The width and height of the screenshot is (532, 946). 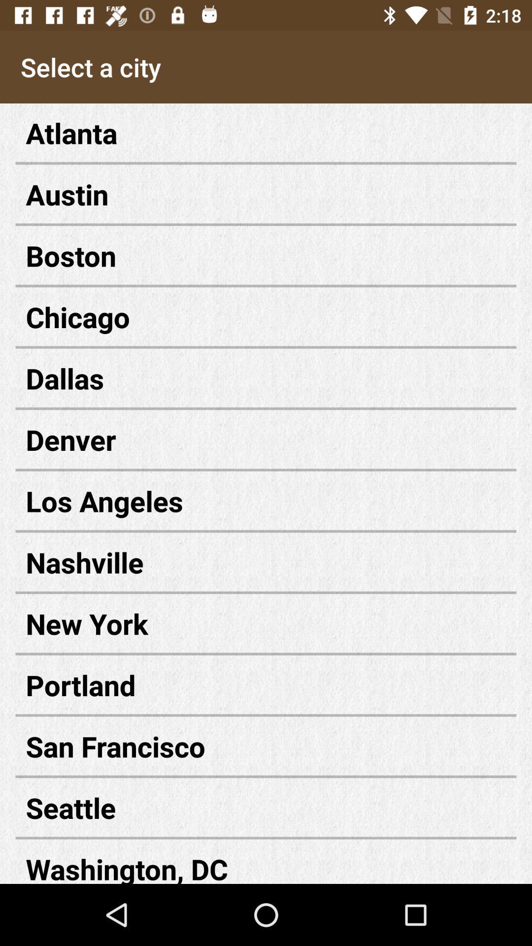 What do you see at coordinates (266, 255) in the screenshot?
I see `boston icon` at bounding box center [266, 255].